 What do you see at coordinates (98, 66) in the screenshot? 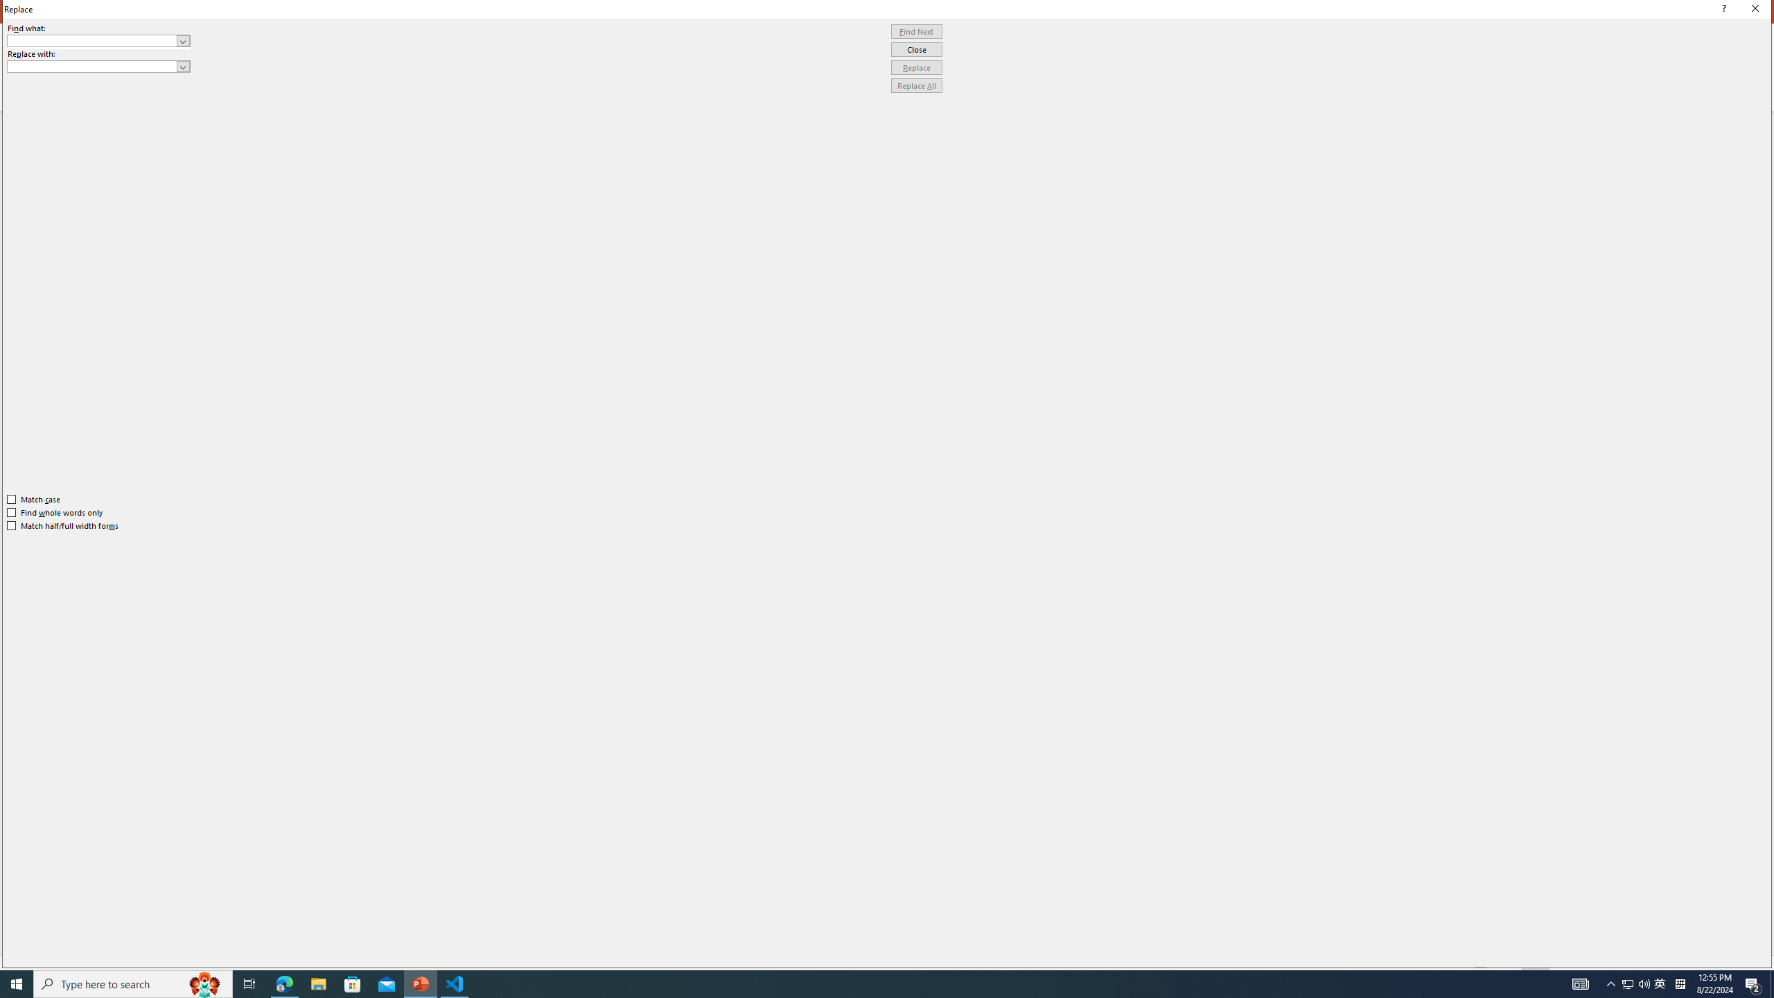
I see `'Replace with'` at bounding box center [98, 66].